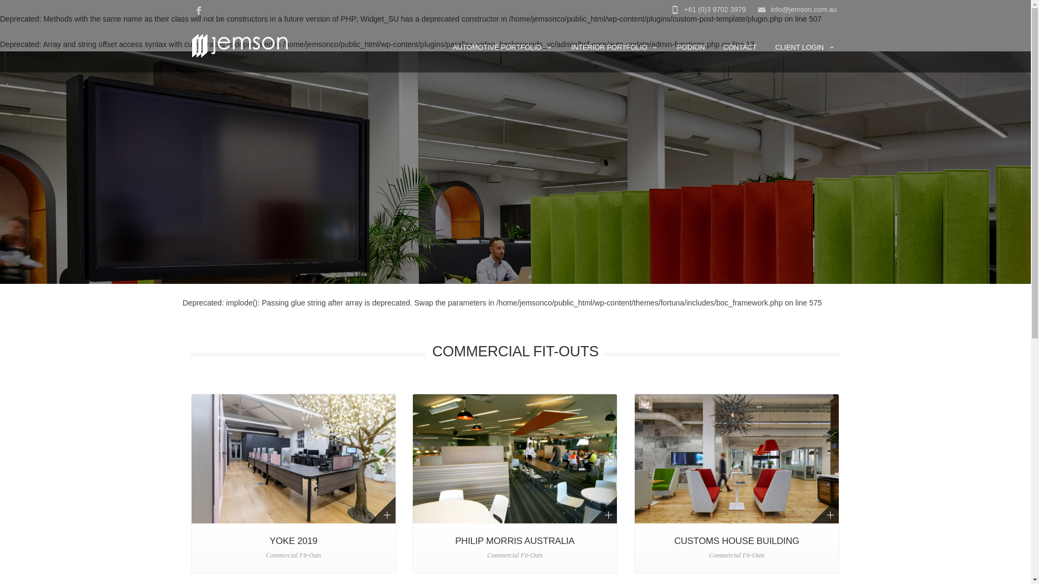 The width and height of the screenshot is (1039, 584). I want to click on 'CLIENT LOGIN', so click(765, 45).